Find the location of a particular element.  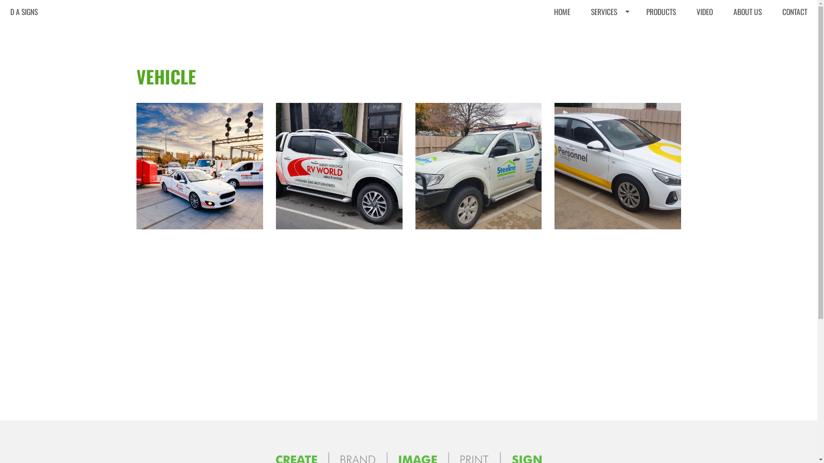

'HOME' is located at coordinates (562, 12).